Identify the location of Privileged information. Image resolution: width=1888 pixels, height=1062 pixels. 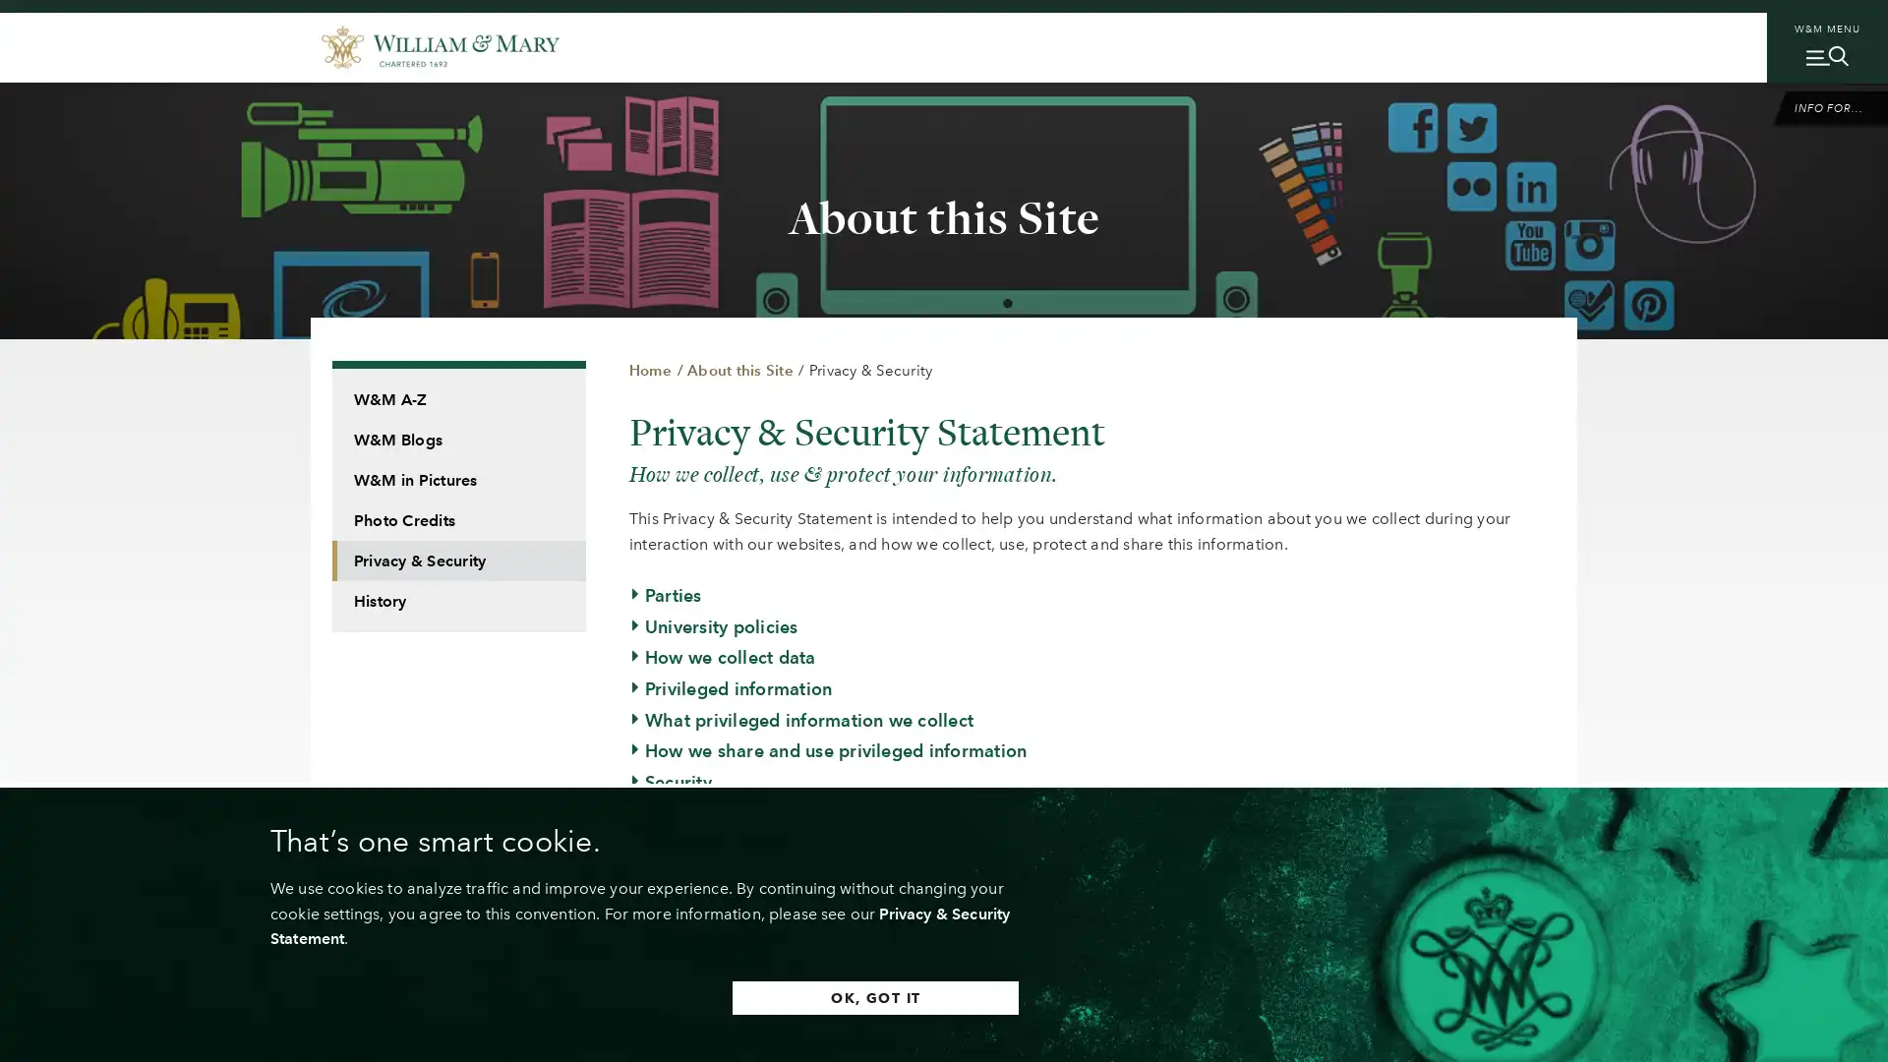
(730, 686).